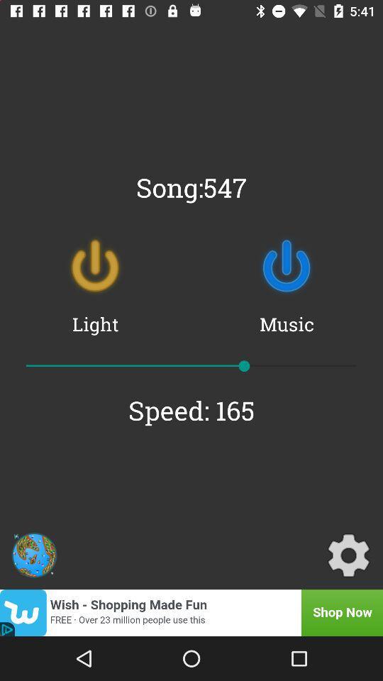  I want to click on the avatar icon, so click(34, 555).